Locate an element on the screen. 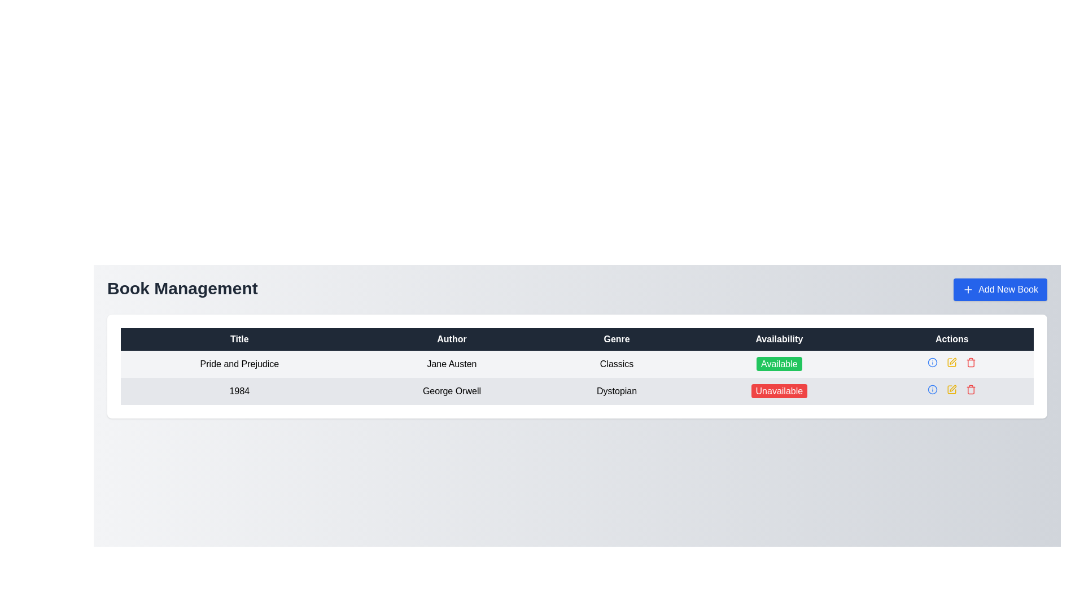  the text label displaying 'Classics' in the third column of the first row of the table, which is positioned between 'Jane Austen' and an 'Available' status indicator is located at coordinates (616, 364).